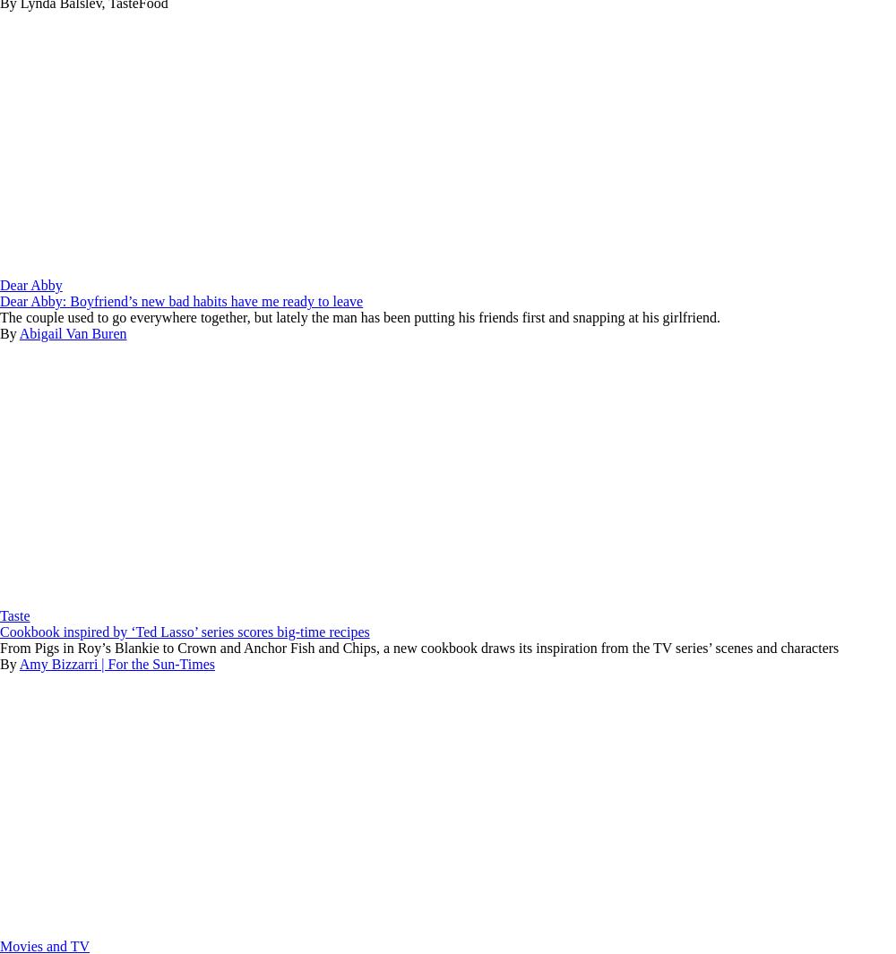 The image size is (896, 954). I want to click on 'Cookbook inspired by ‘Ted Lasso’ series scores big-time recipes', so click(184, 632).